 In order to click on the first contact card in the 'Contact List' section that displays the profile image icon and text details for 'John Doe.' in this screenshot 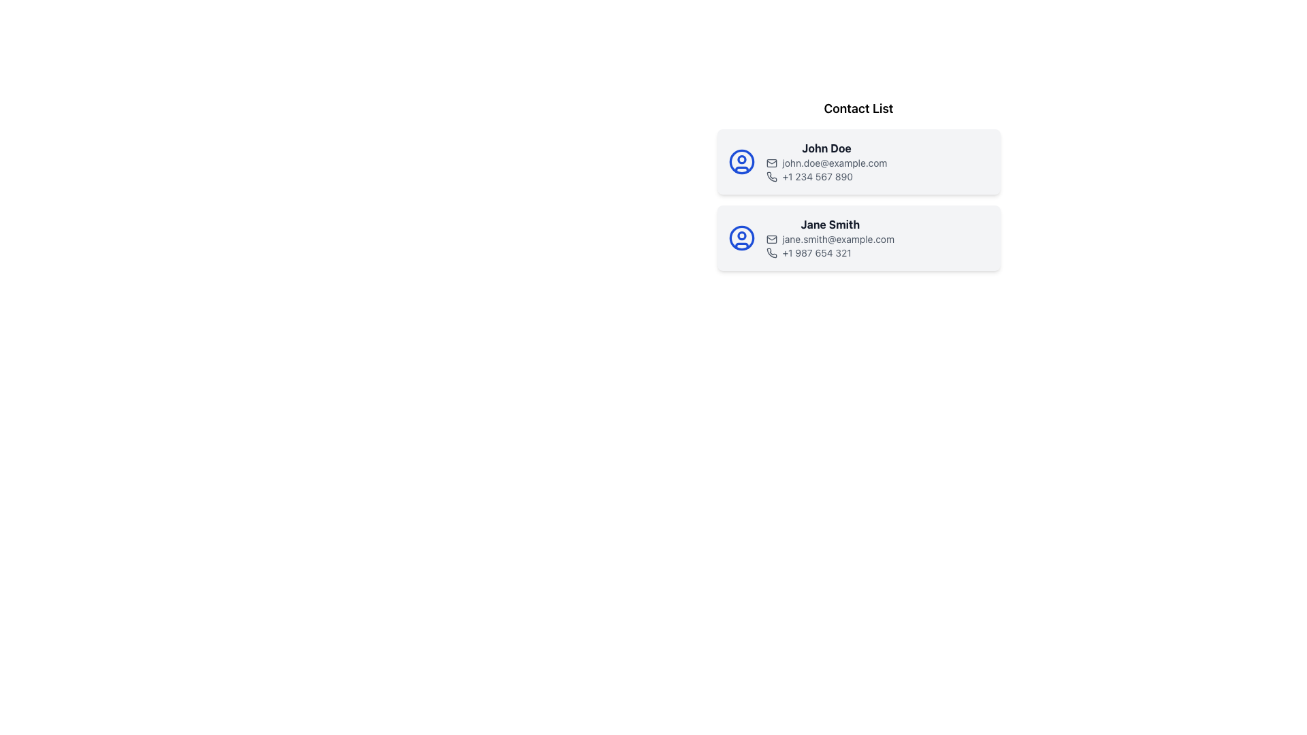, I will do `click(858, 161)`.